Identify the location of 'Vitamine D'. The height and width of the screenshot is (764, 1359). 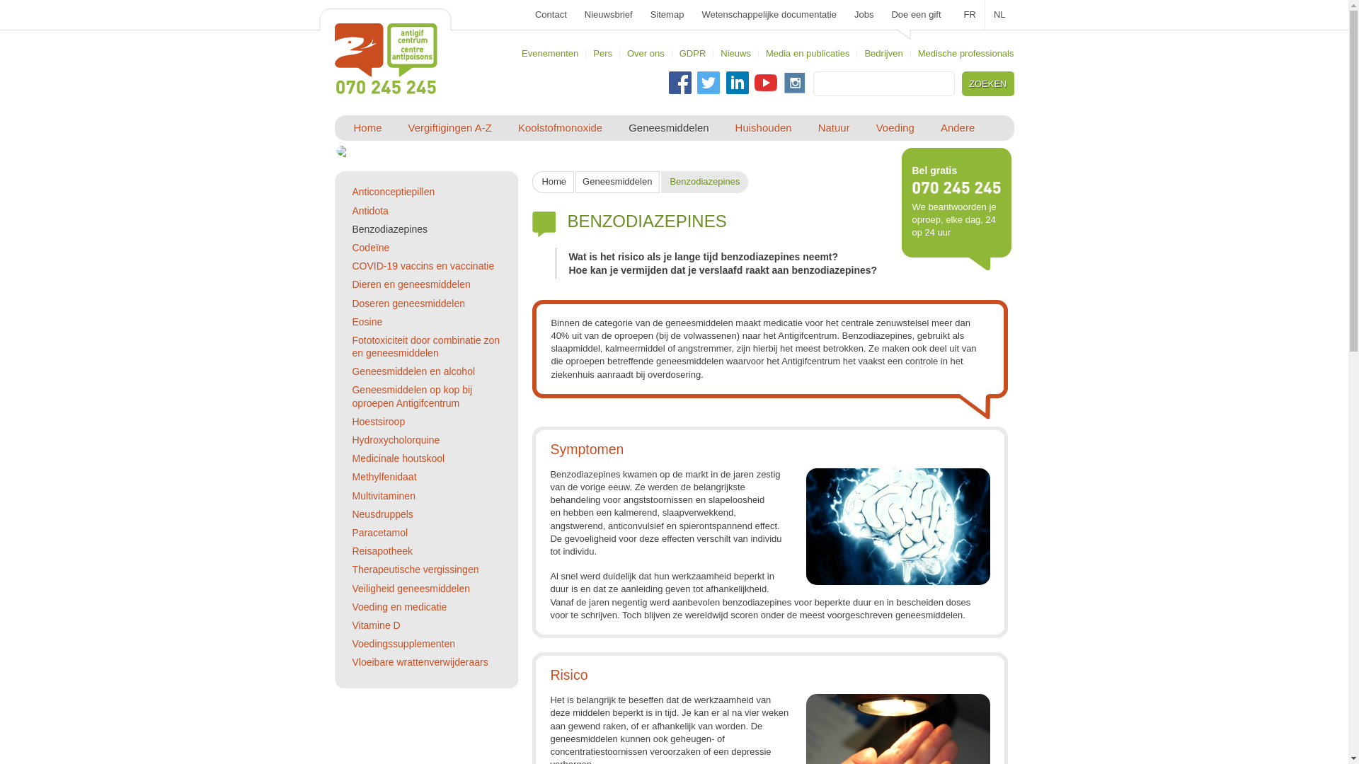
(376, 624).